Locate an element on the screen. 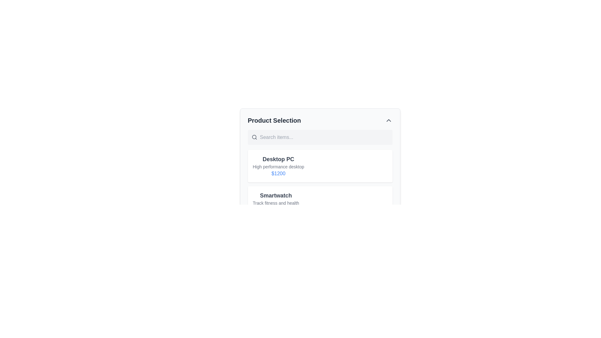 Image resolution: width=601 pixels, height=338 pixels. the text label displaying 'High performance desktop', which is located below the title 'Desktop PC' and above the price text '$1200' is located at coordinates (278, 166).